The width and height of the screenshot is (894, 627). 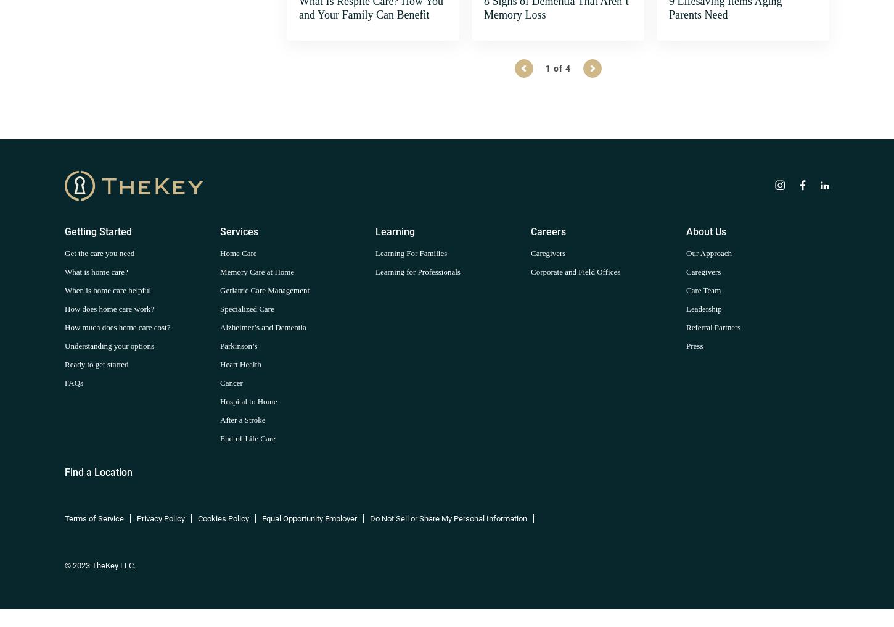 I want to click on 'Hospital to Home', so click(x=247, y=400).